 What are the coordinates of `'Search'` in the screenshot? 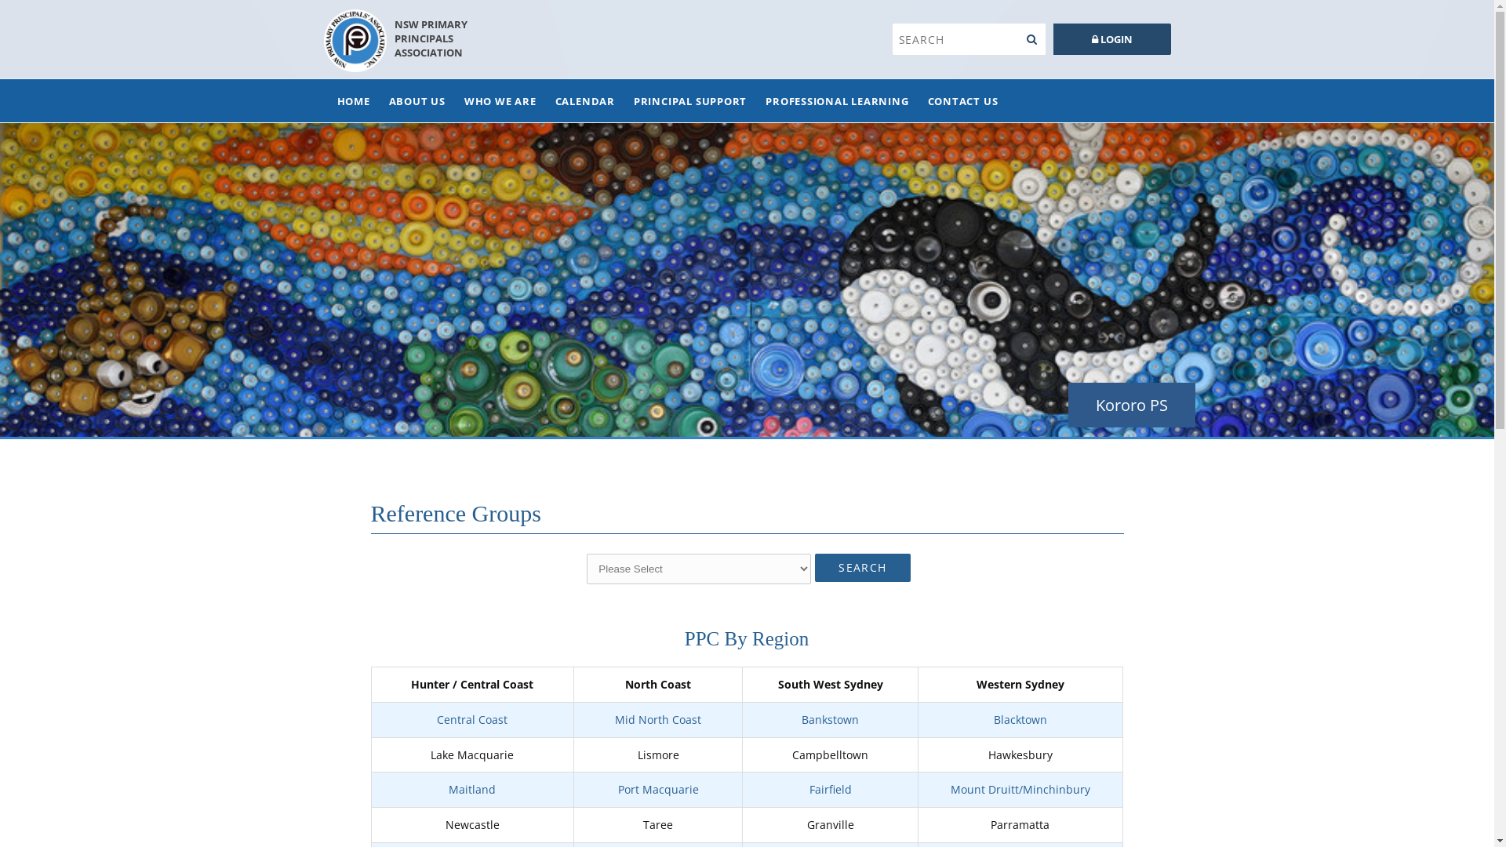 It's located at (955, 38).